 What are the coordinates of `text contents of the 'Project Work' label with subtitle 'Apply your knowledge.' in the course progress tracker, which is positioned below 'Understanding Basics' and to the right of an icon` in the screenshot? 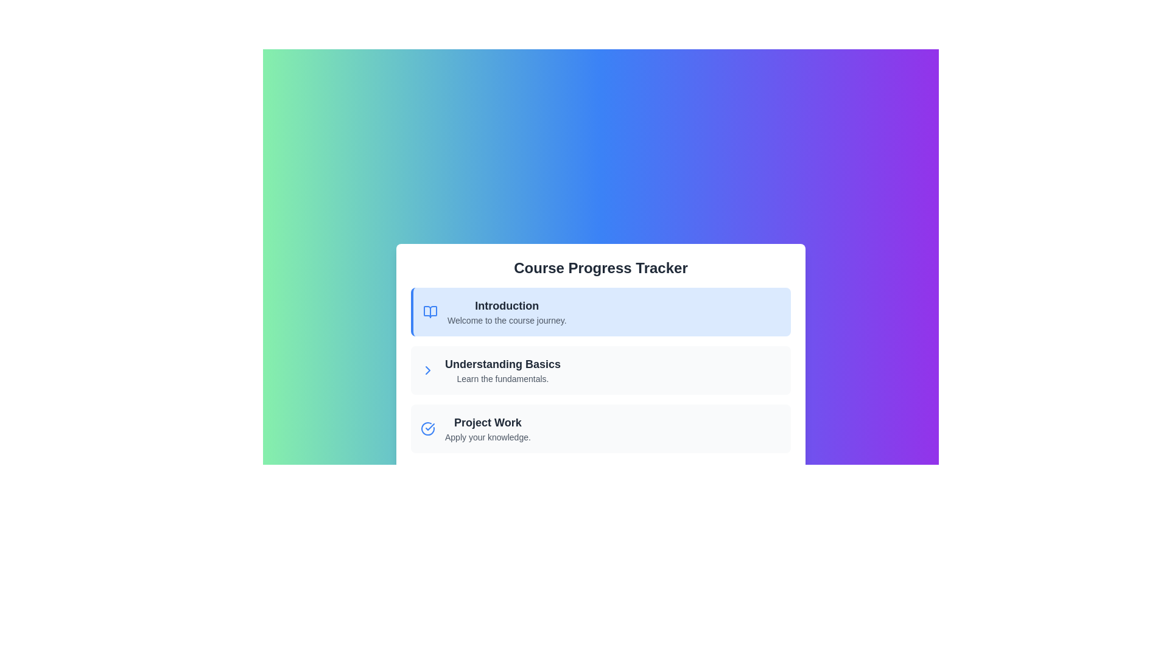 It's located at (488, 428).